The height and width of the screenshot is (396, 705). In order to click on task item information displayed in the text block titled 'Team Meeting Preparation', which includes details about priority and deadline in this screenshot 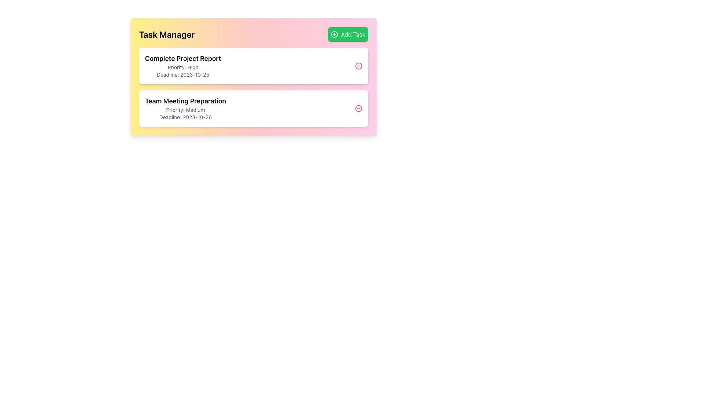, I will do `click(185, 109)`.